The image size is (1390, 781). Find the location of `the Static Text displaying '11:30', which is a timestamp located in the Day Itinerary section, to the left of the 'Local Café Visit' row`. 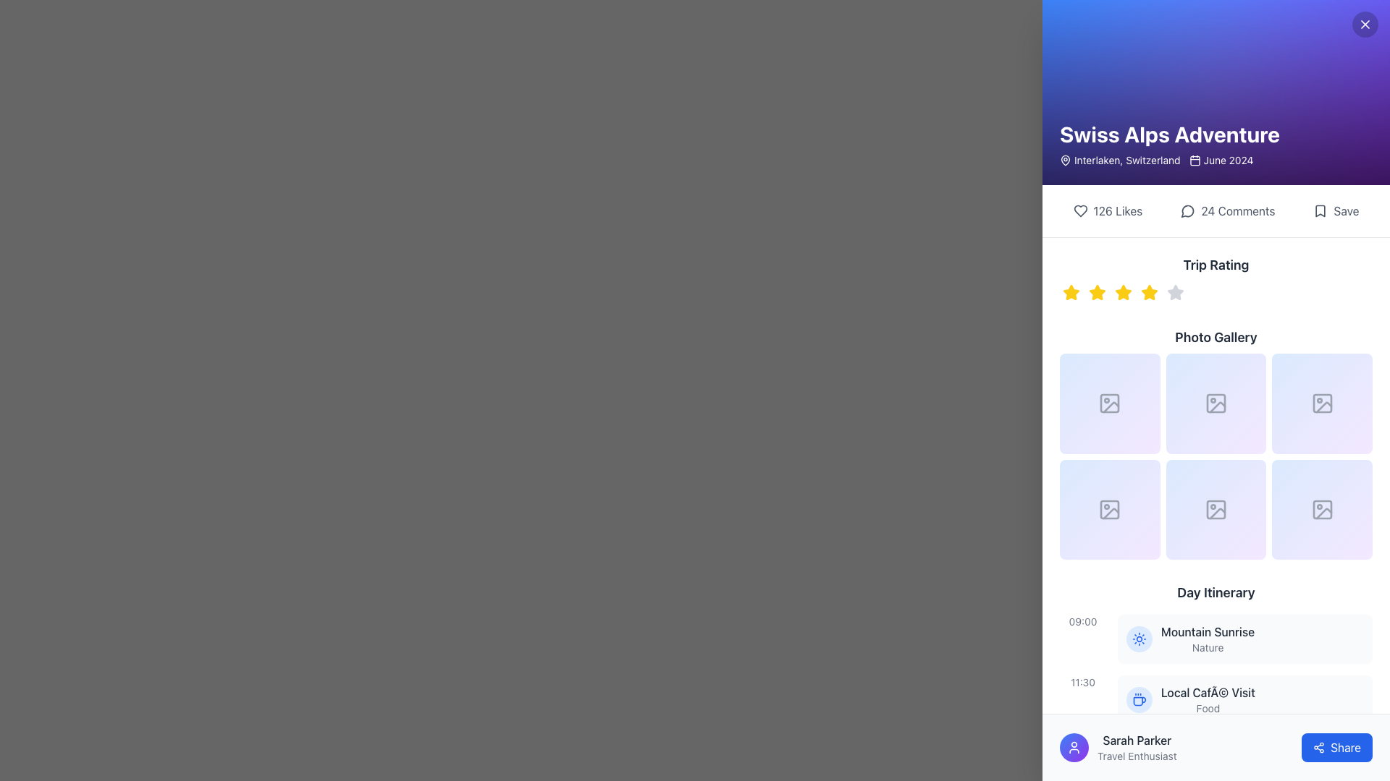

the Static Text displaying '11:30', which is a timestamp located in the Day Itinerary section, to the left of the 'Local Café Visit' row is located at coordinates (1083, 683).